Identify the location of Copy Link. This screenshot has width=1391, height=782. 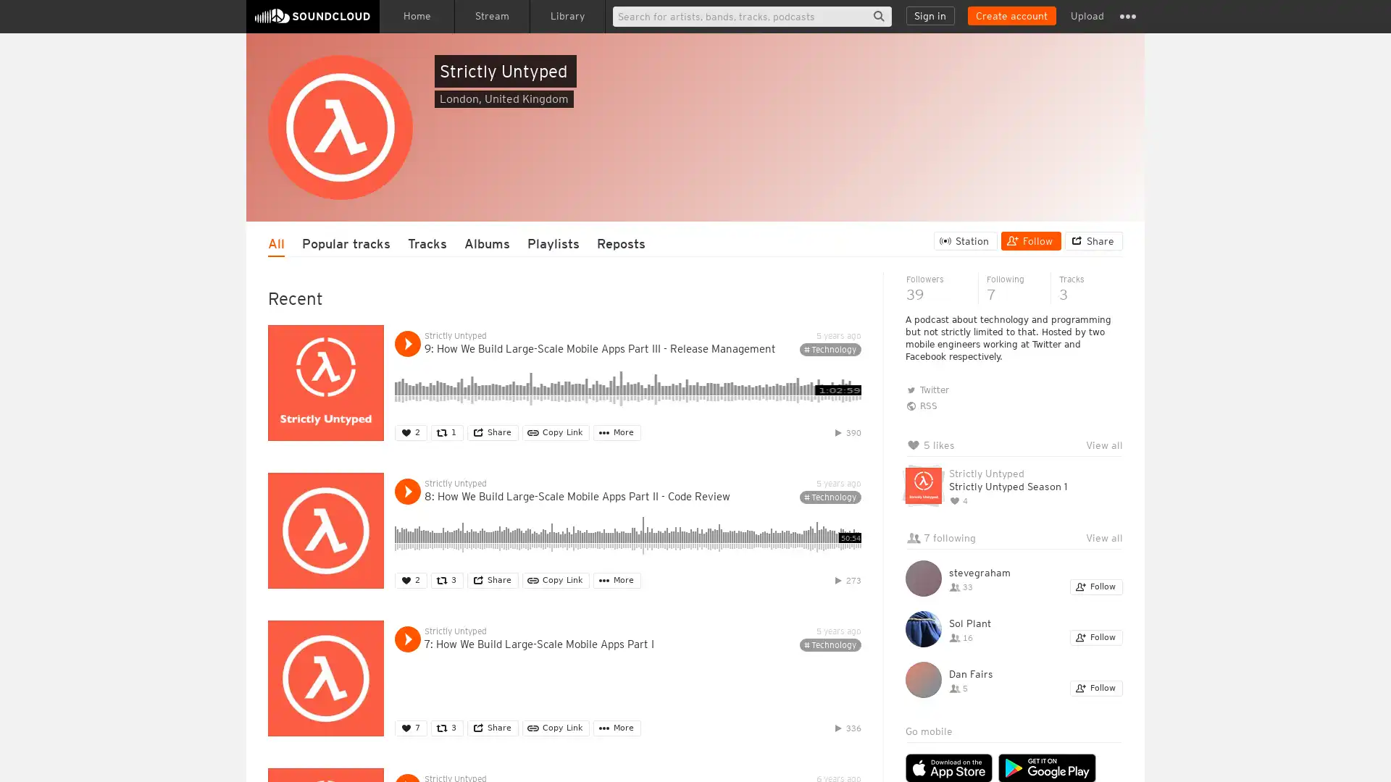
(555, 728).